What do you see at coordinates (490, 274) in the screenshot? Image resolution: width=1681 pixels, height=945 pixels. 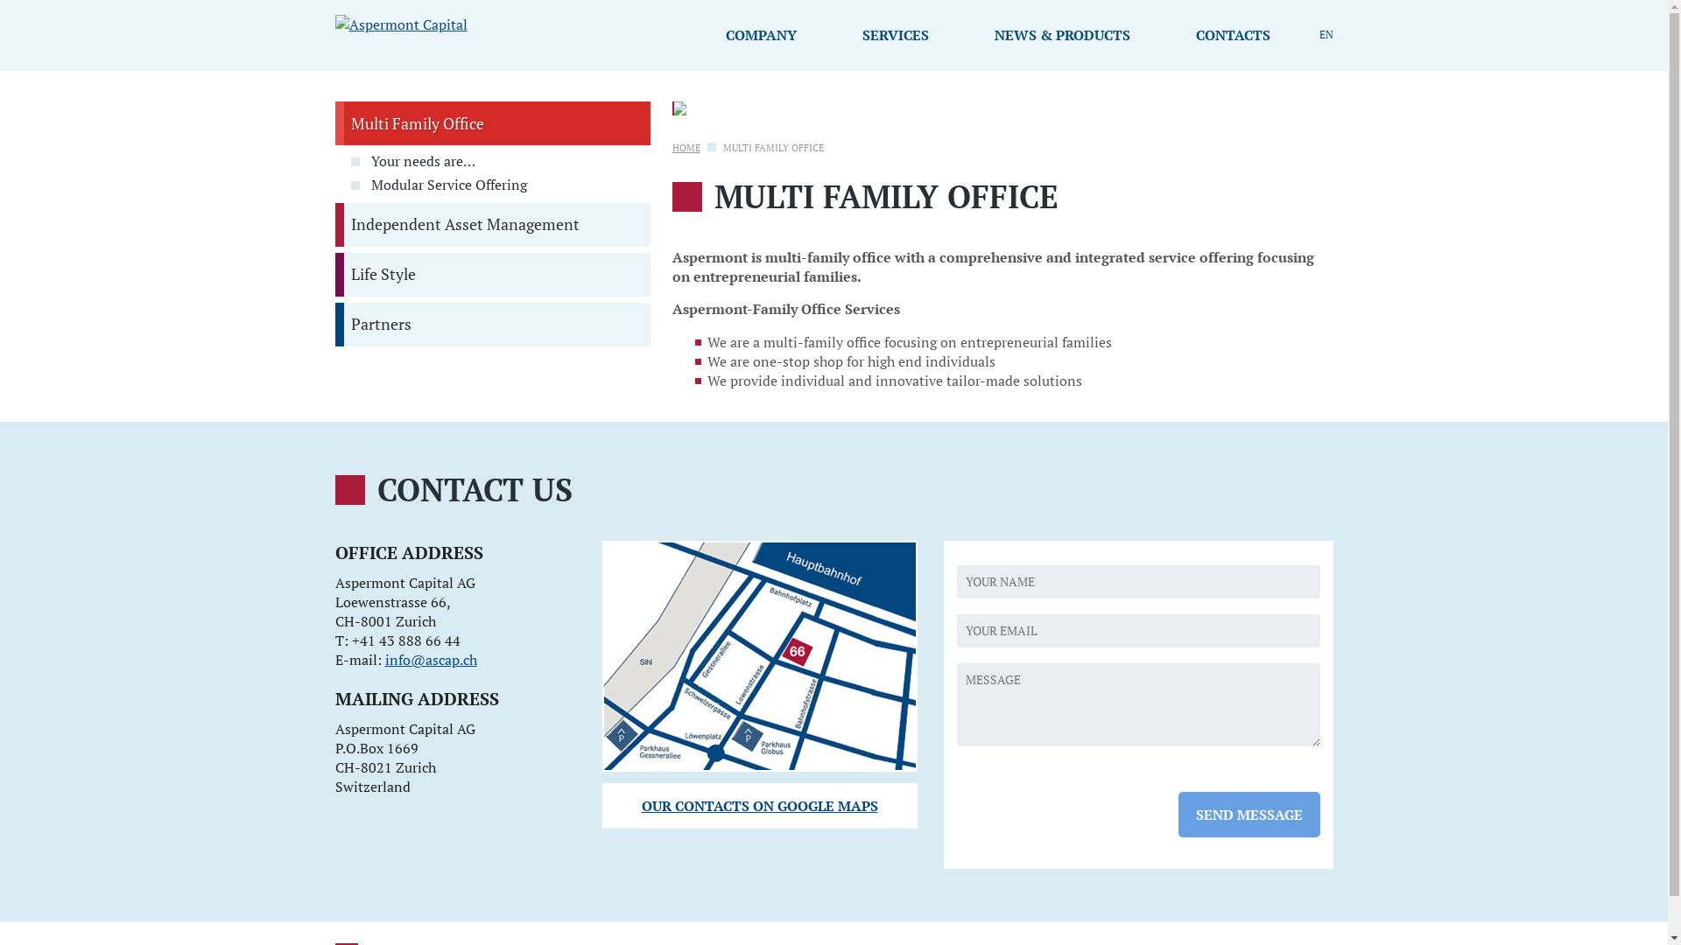 I see `'Life Style'` at bounding box center [490, 274].